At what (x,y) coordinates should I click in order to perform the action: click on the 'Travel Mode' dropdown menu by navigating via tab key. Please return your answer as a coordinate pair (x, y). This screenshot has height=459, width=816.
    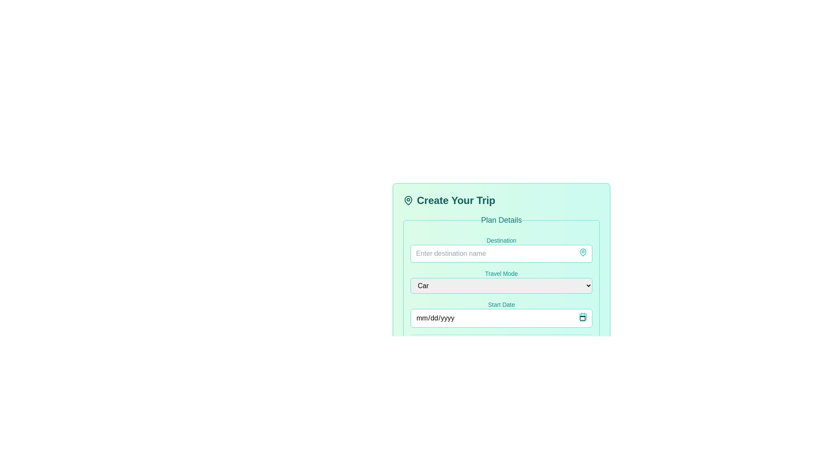
    Looking at the image, I should click on (501, 281).